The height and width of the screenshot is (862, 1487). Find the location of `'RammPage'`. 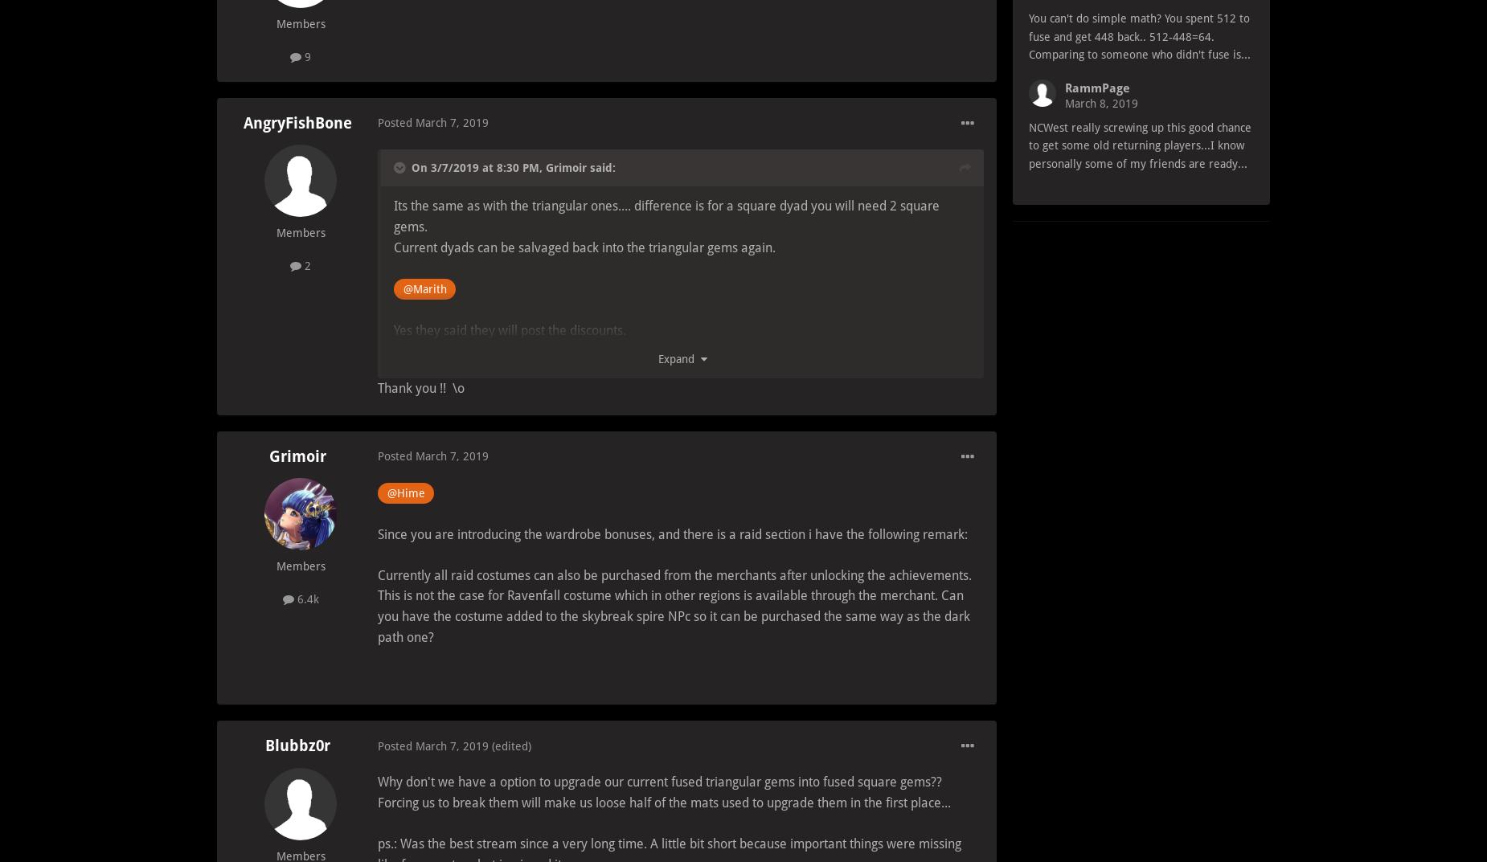

'RammPage' is located at coordinates (1096, 88).